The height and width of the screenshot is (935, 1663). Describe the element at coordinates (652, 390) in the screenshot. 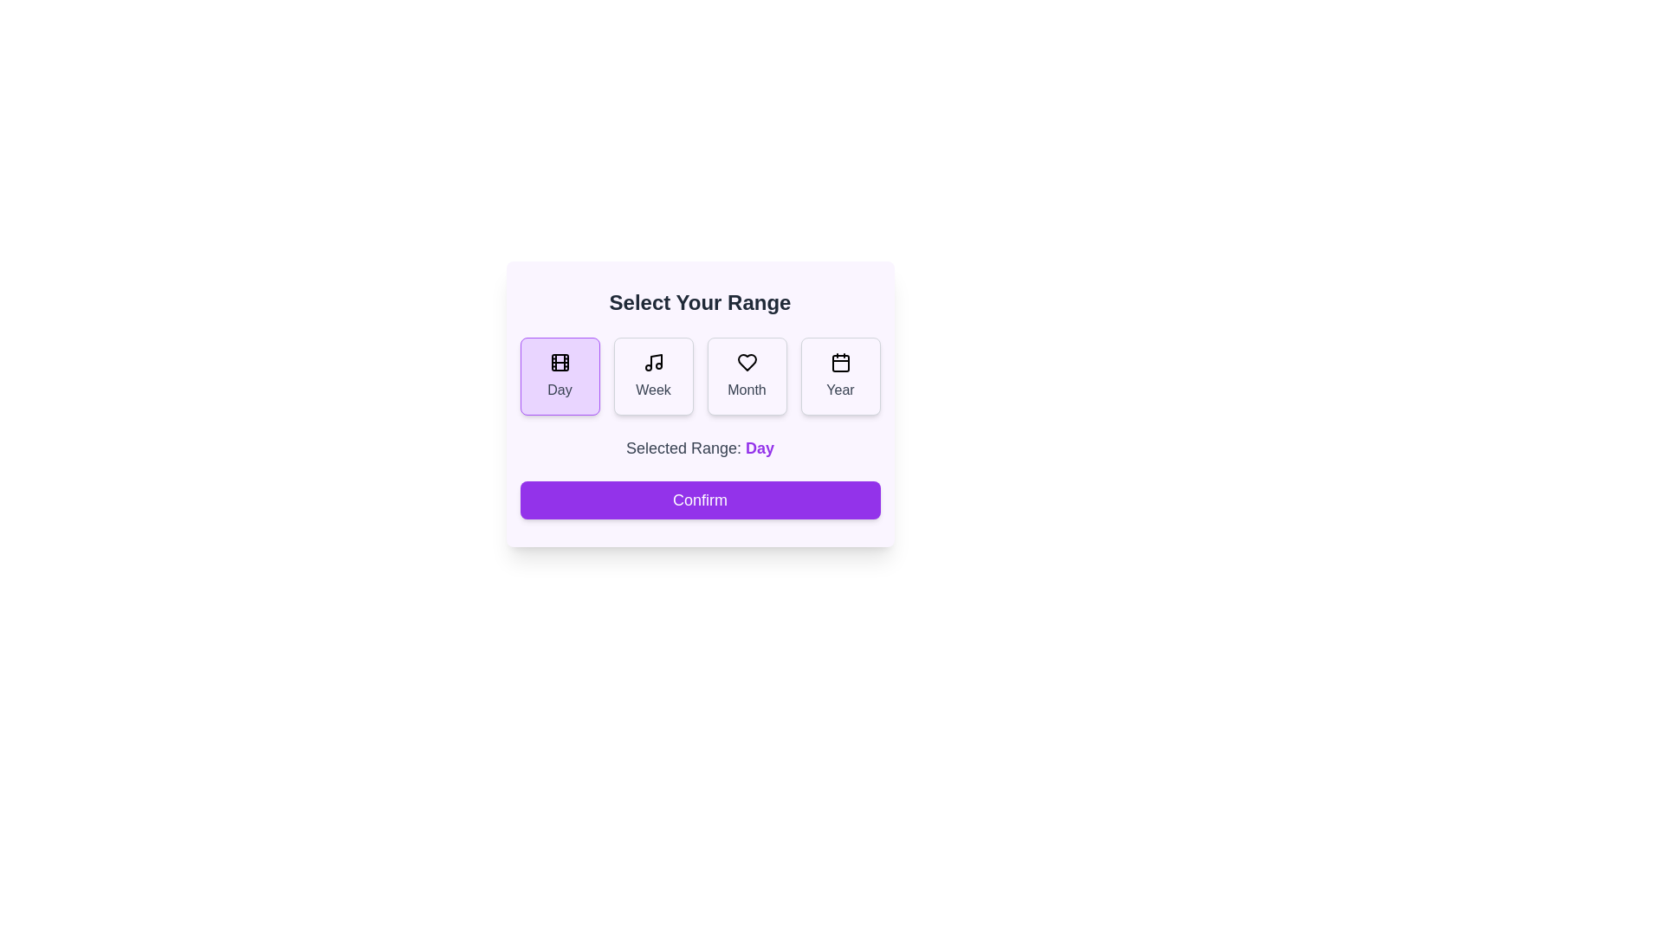

I see `the text content of the 'Week' label in the range selection interface, which is located between the 'Day' and 'Month' options` at that location.